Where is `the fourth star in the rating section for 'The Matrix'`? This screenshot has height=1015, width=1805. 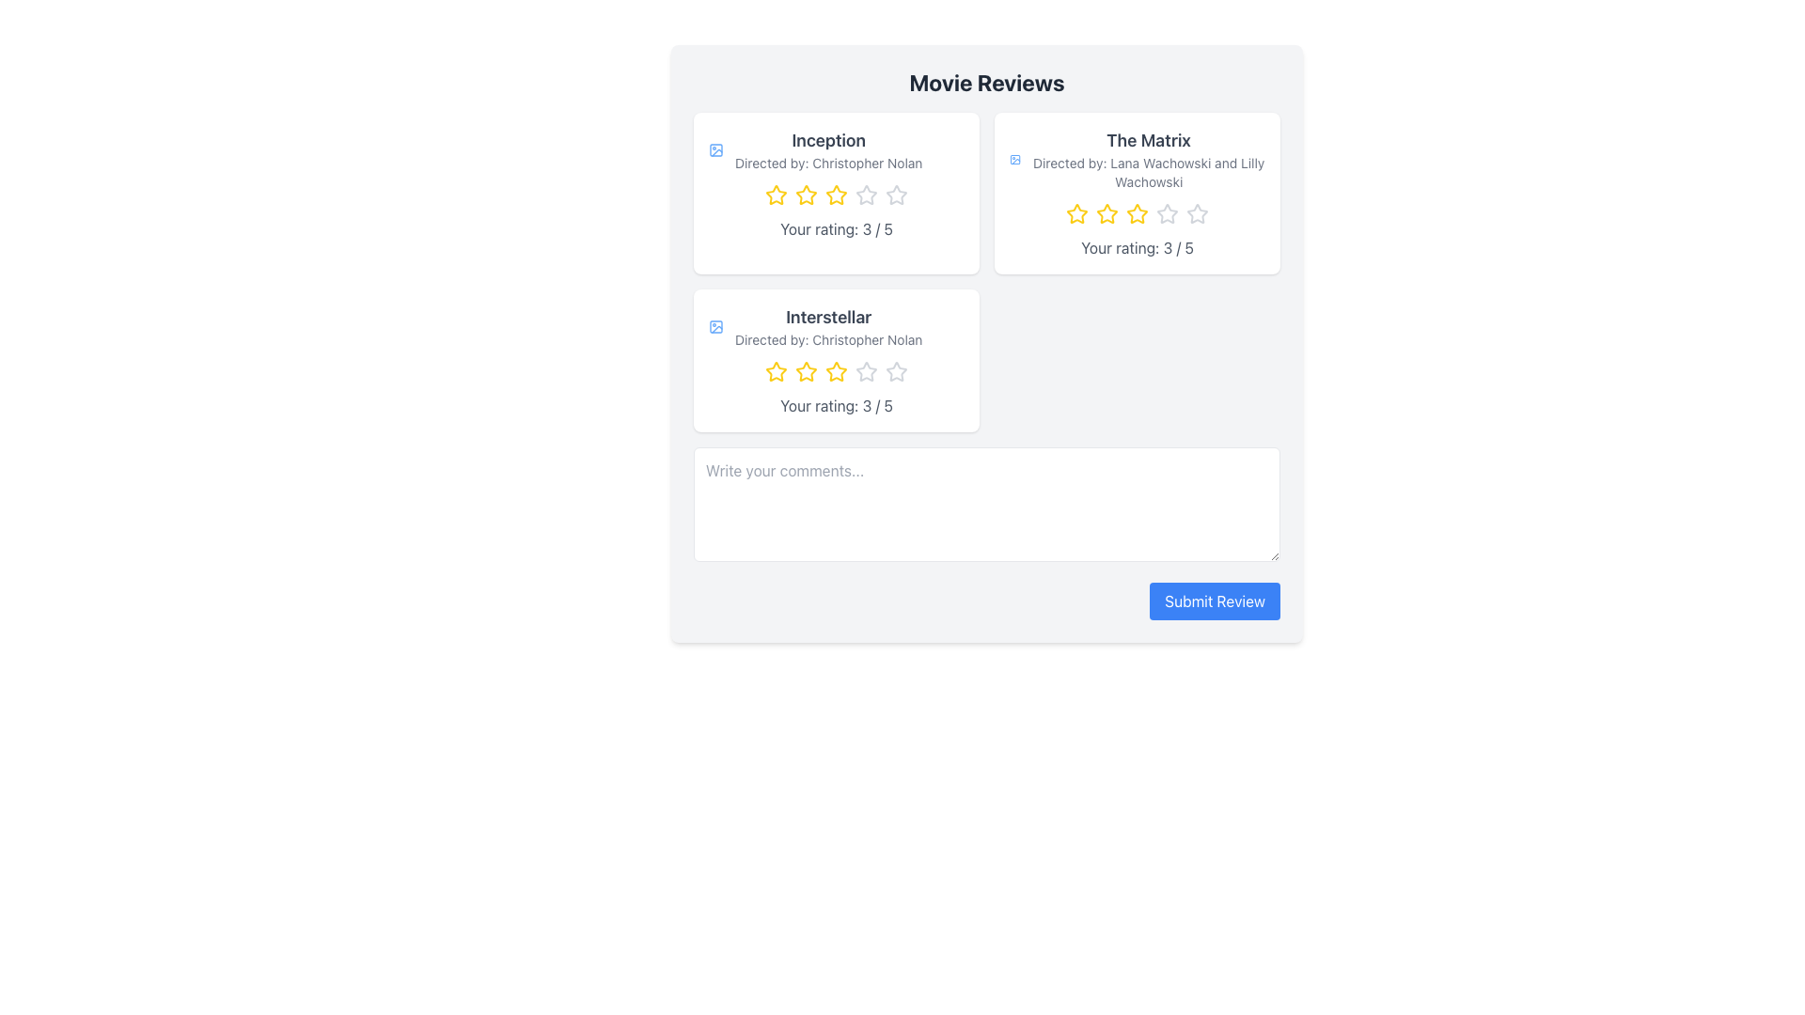
the fourth star in the rating section for 'The Matrix' is located at coordinates (1167, 212).